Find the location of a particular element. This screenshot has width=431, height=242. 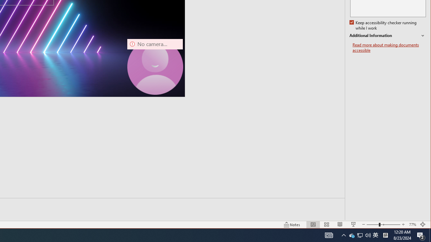

'Additional Information' is located at coordinates (388, 36).